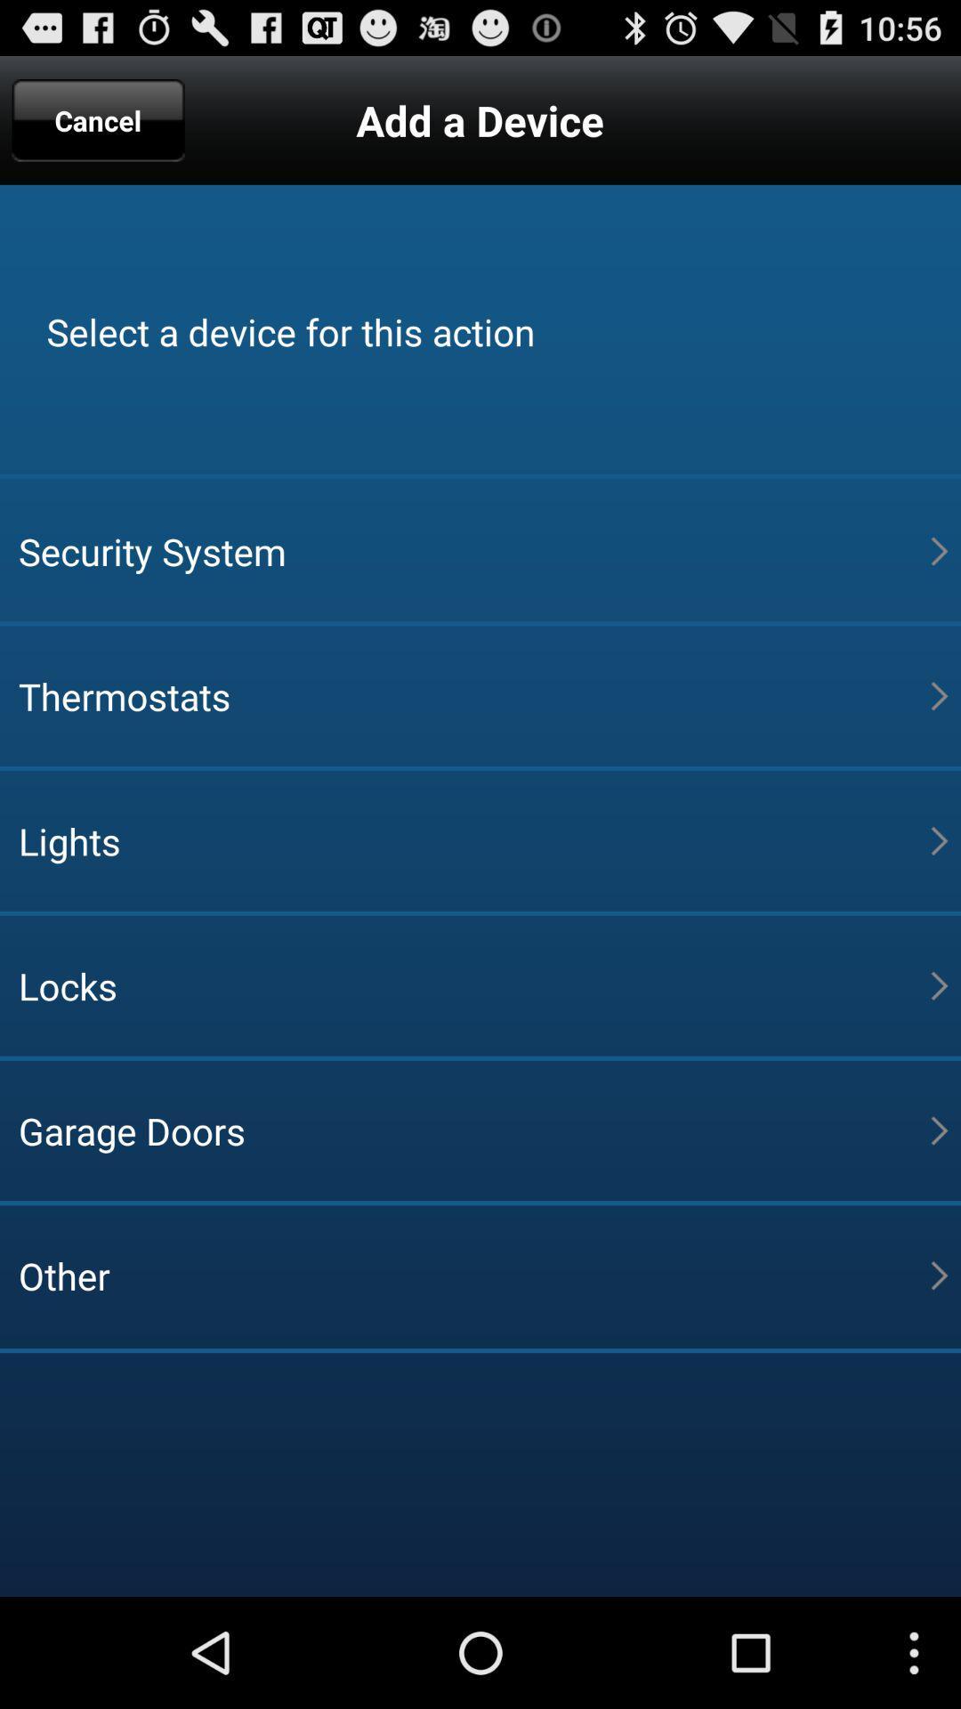 The image size is (961, 1709). What do you see at coordinates (473, 695) in the screenshot?
I see `the item below the security system app` at bounding box center [473, 695].